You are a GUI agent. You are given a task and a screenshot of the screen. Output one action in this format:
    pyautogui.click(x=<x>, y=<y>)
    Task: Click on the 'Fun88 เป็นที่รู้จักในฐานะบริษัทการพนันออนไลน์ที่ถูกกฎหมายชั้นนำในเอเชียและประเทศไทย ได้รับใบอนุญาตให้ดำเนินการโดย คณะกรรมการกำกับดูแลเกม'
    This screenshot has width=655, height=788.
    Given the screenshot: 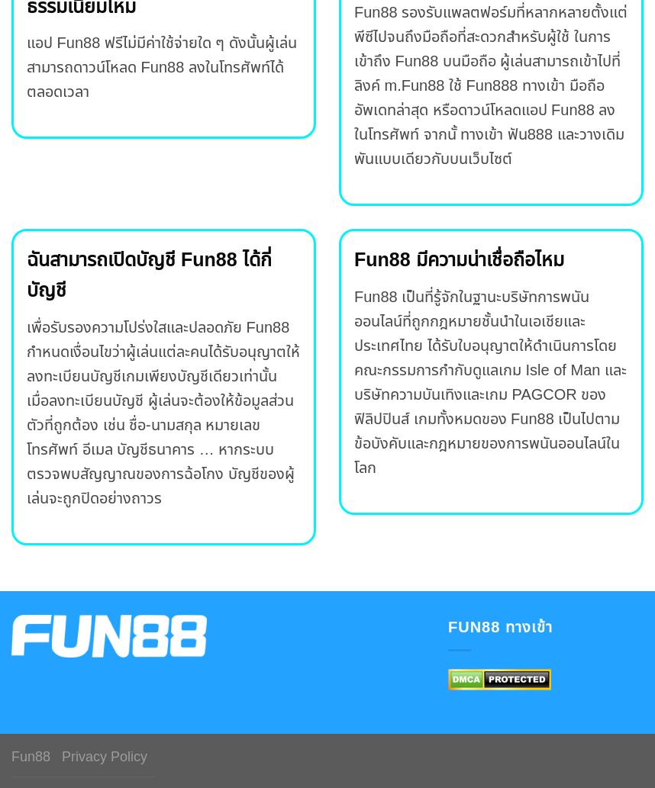 What is the action you would take?
    pyautogui.click(x=485, y=333)
    